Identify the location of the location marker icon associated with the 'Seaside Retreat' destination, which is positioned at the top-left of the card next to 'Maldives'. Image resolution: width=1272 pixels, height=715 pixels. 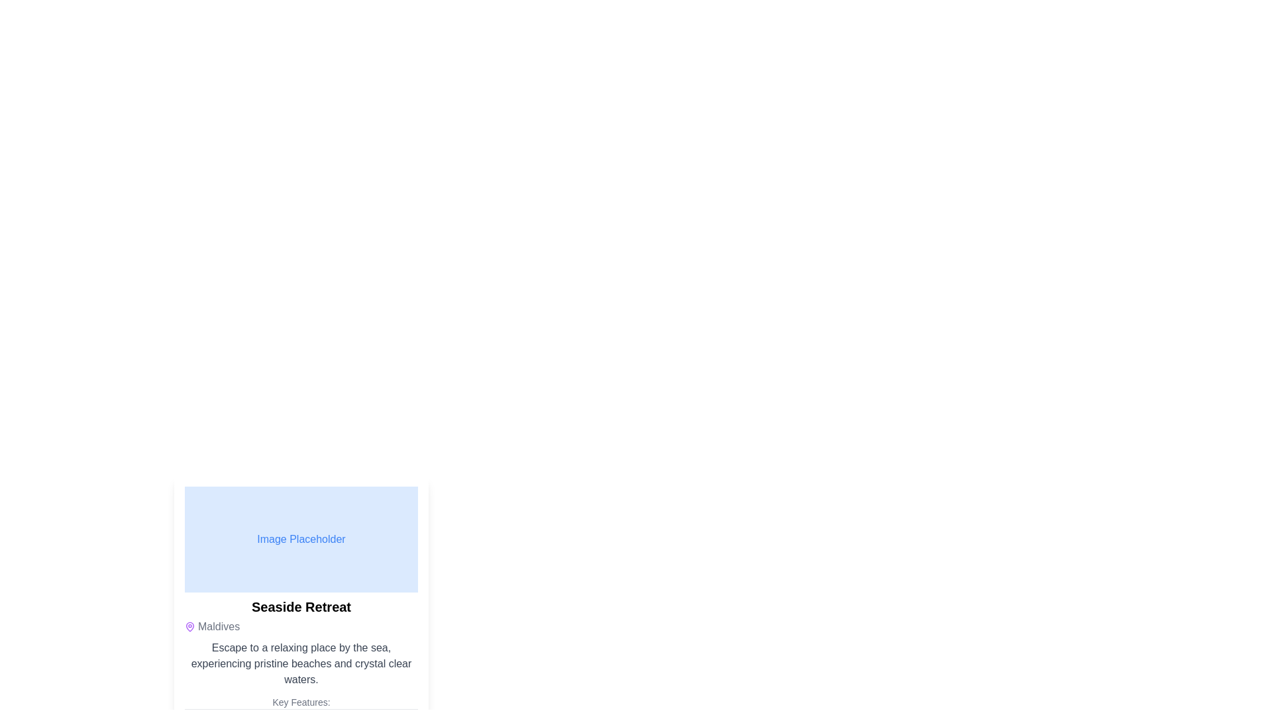
(189, 626).